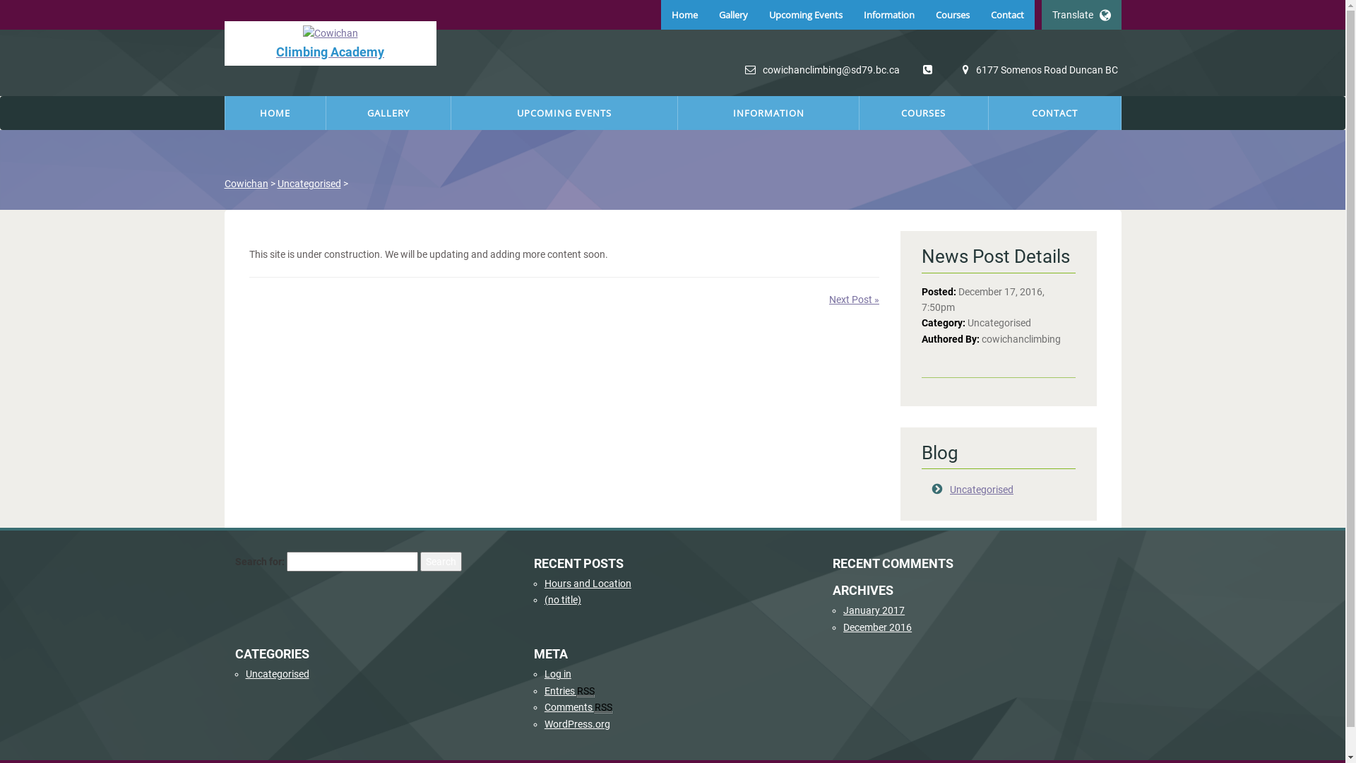 The width and height of the screenshot is (1356, 763). Describe the element at coordinates (843, 610) in the screenshot. I see `'January 2017'` at that location.